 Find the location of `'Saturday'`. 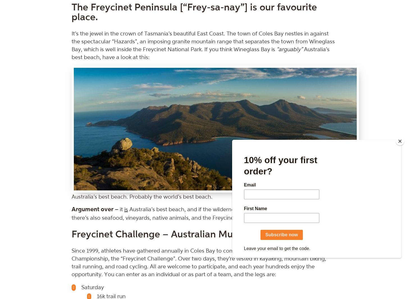

'Saturday' is located at coordinates (93, 287).